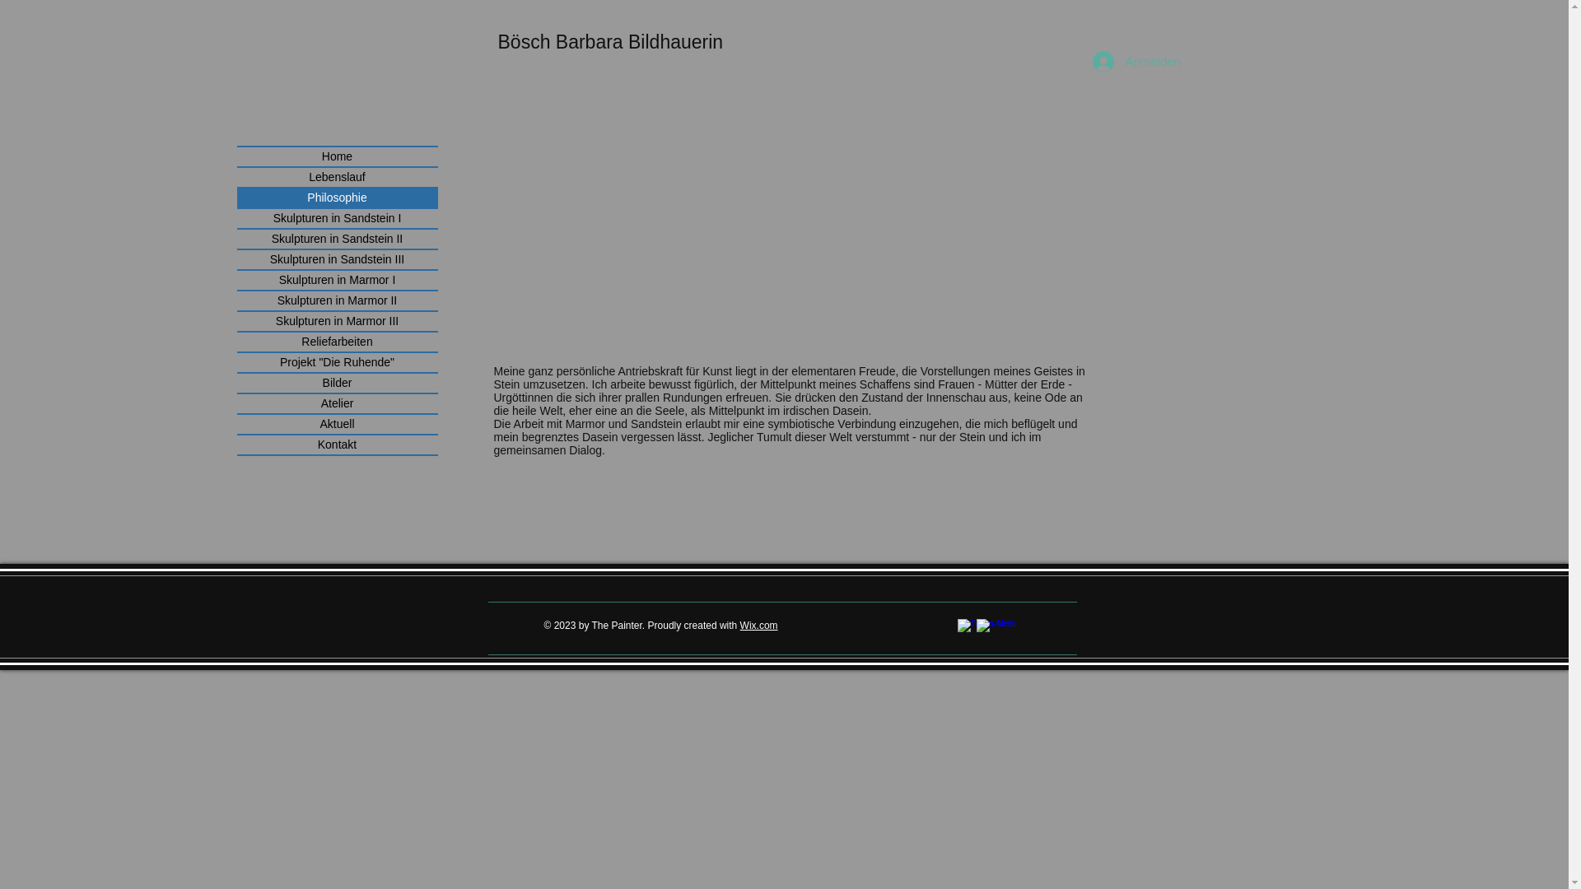  Describe the element at coordinates (336, 403) in the screenshot. I see `'Atelier'` at that location.